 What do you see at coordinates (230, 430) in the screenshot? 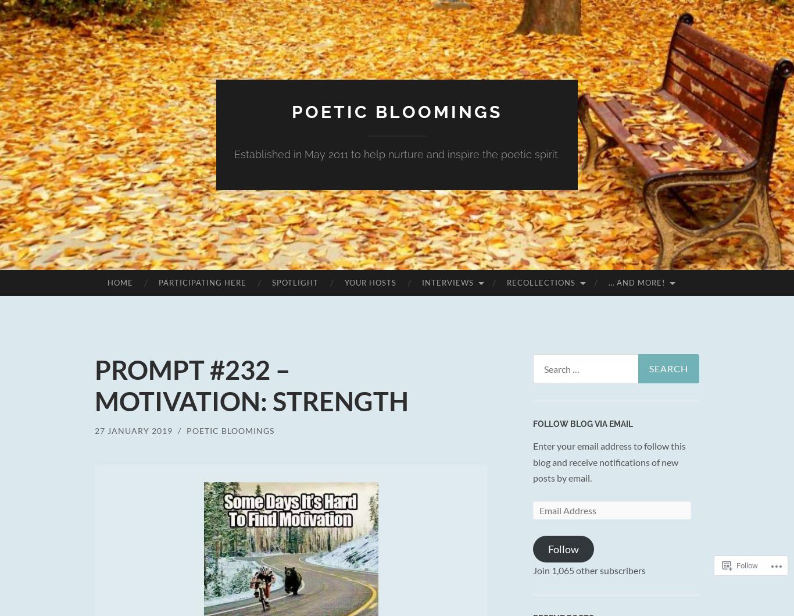
I see `'Poetic Bloomings'` at bounding box center [230, 430].